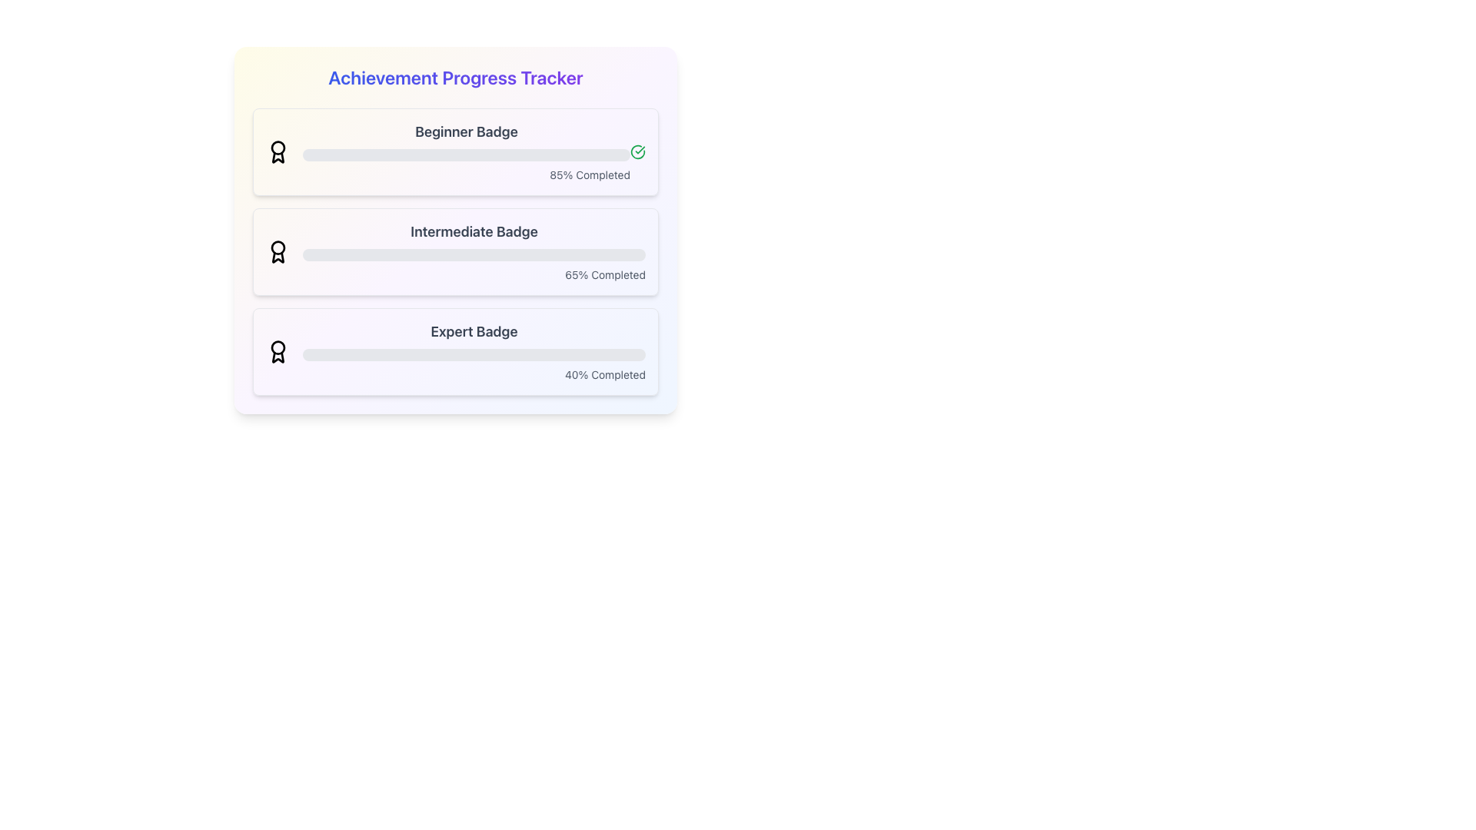 Image resolution: width=1476 pixels, height=830 pixels. What do you see at coordinates (278, 251) in the screenshot?
I see `the 'Intermediate Badge' icon located to the left of the 'Intermediate Badge' title within the second card element of the achievement progress tracker interface` at bounding box center [278, 251].